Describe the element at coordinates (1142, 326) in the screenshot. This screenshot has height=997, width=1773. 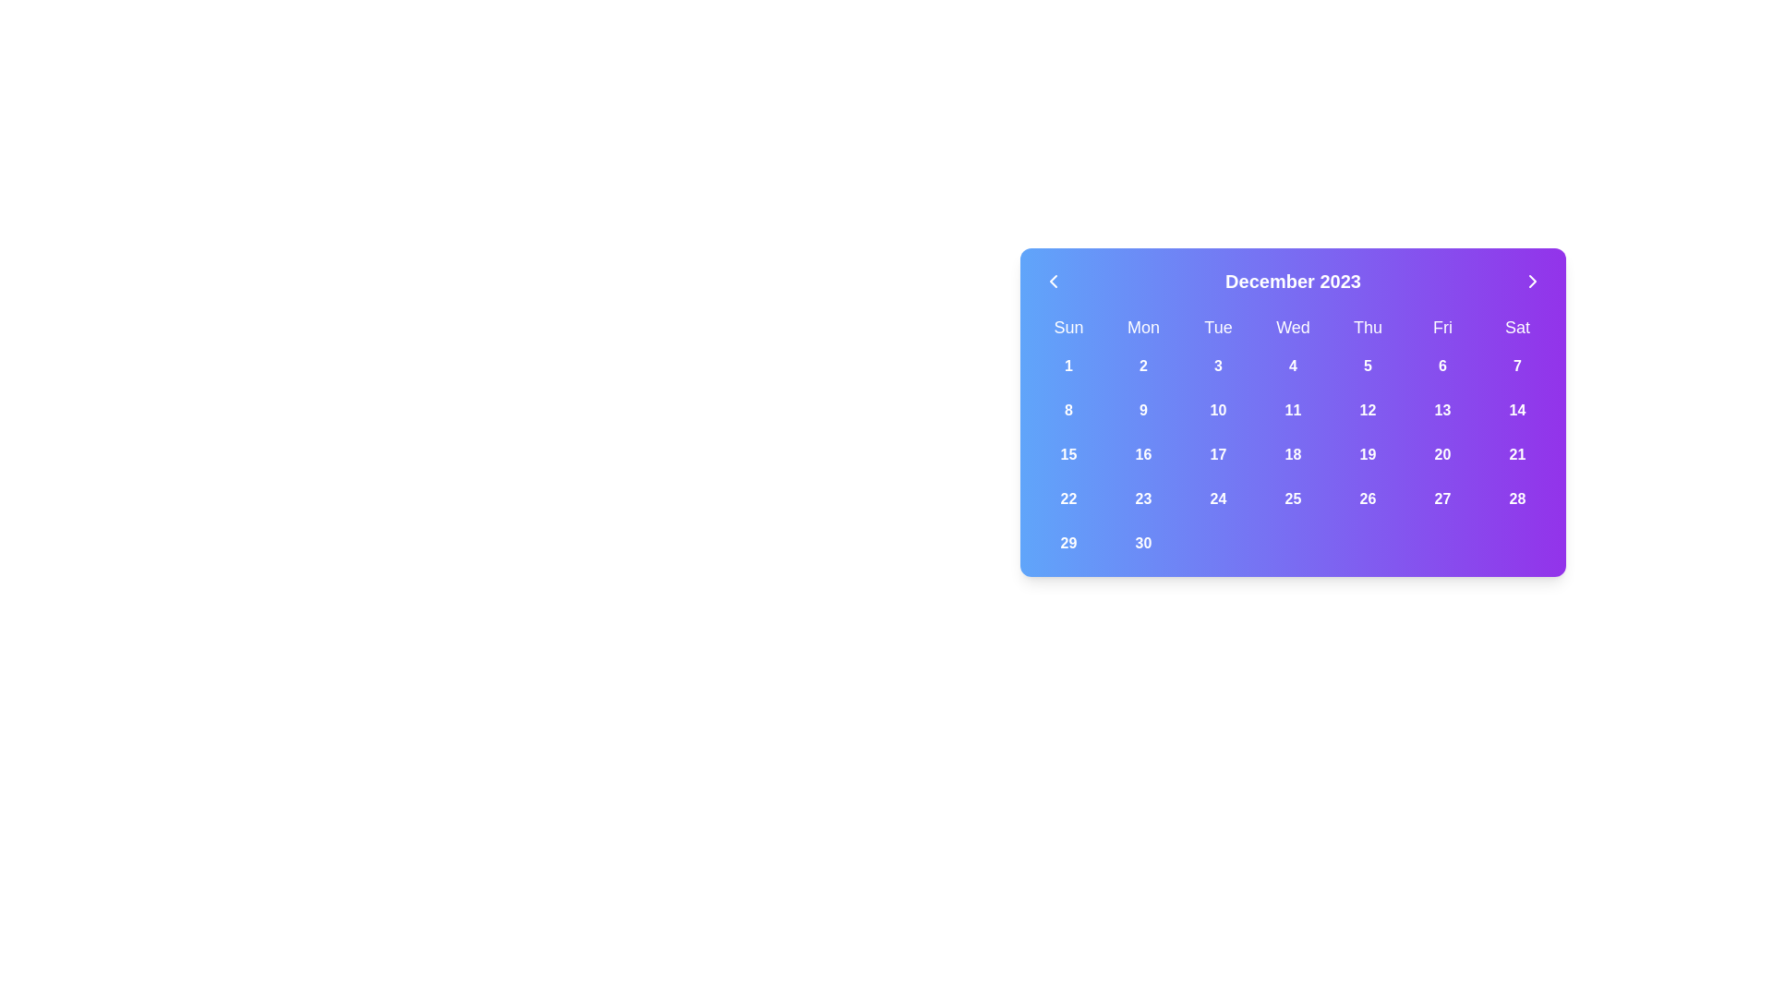
I see `the static label indicating 'Monday' in the calendar interface, which is the second weekday label in the horizontal list` at that location.